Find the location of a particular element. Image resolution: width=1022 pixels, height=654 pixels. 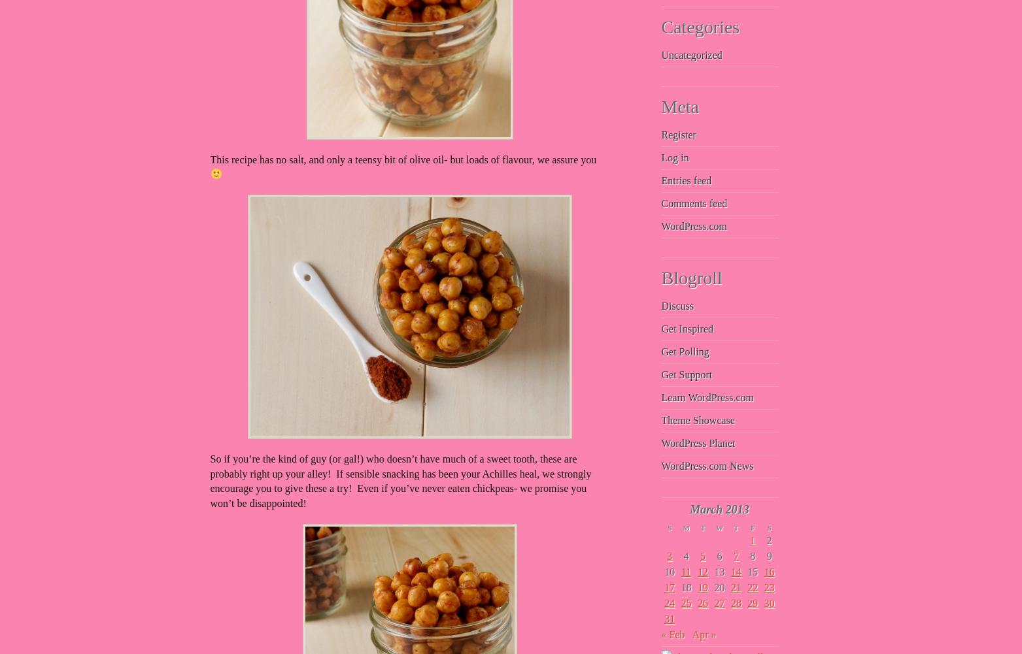

'5' is located at coordinates (703, 555).